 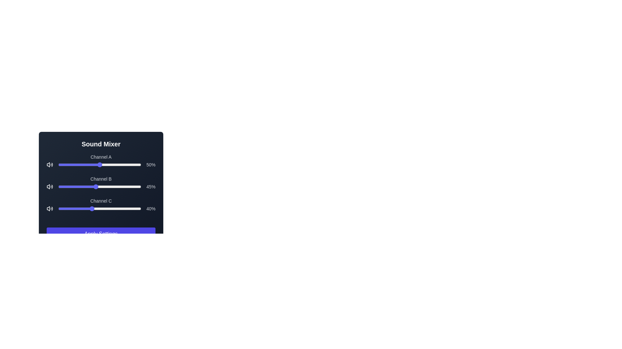 What do you see at coordinates (101, 234) in the screenshot?
I see `the button that applies the current settings in the Sound Mixer interface` at bounding box center [101, 234].